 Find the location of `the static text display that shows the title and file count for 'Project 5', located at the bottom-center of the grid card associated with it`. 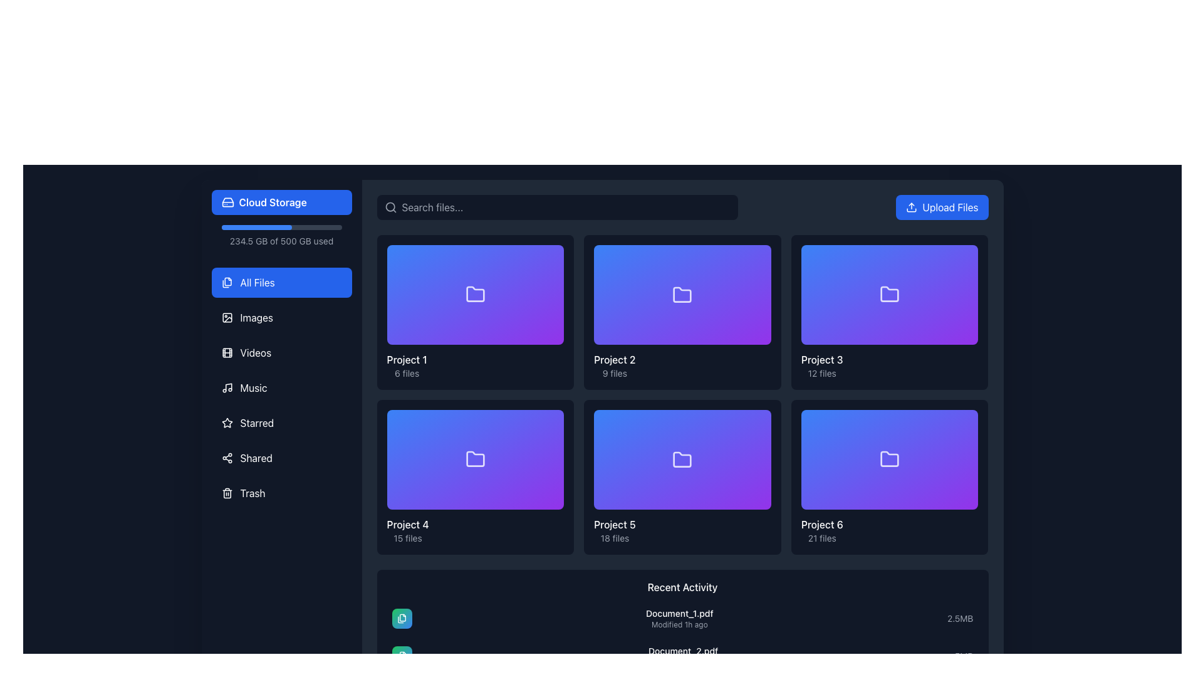

the static text display that shows the title and file count for 'Project 5', located at the bottom-center of the grid card associated with it is located at coordinates (615, 531).